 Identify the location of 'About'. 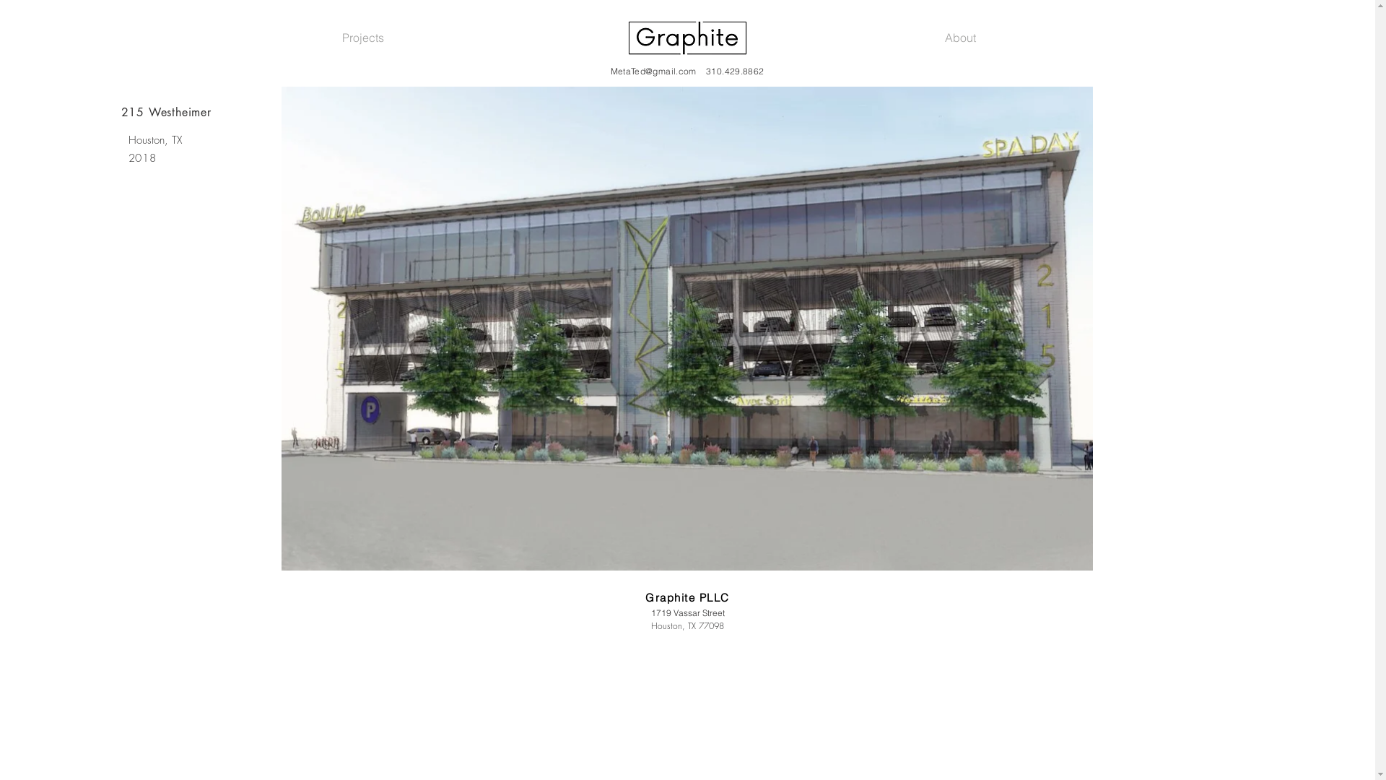
(959, 37).